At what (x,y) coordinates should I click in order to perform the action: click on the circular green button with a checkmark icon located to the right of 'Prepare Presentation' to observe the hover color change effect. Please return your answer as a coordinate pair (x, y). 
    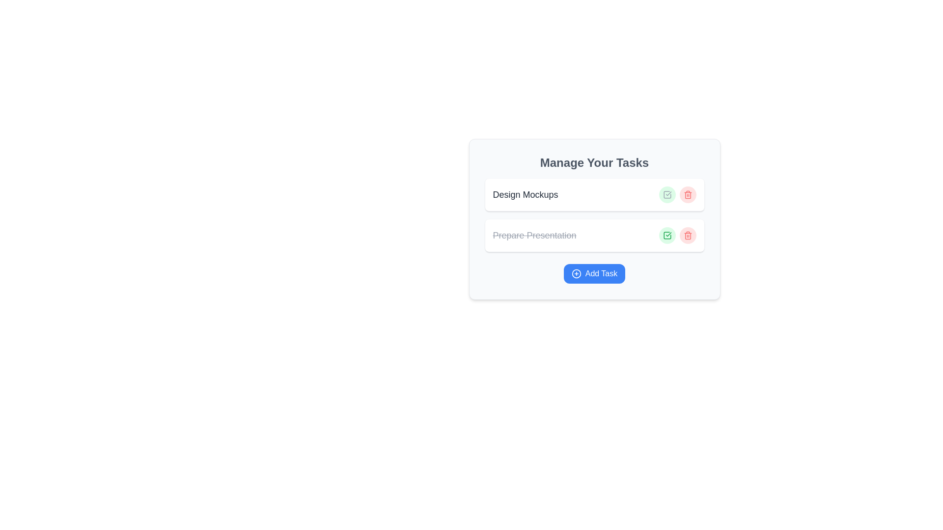
    Looking at the image, I should click on (667, 235).